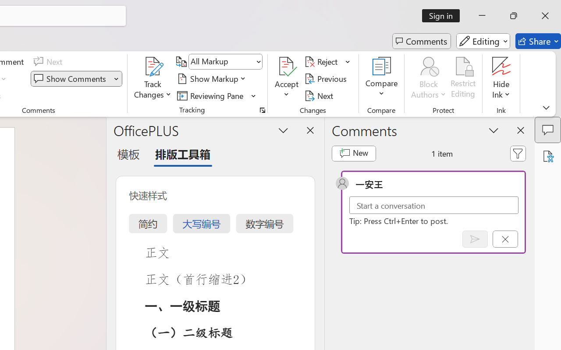 This screenshot has height=350, width=561. I want to click on 'Post comment (Ctrl + Enter)', so click(475, 239).